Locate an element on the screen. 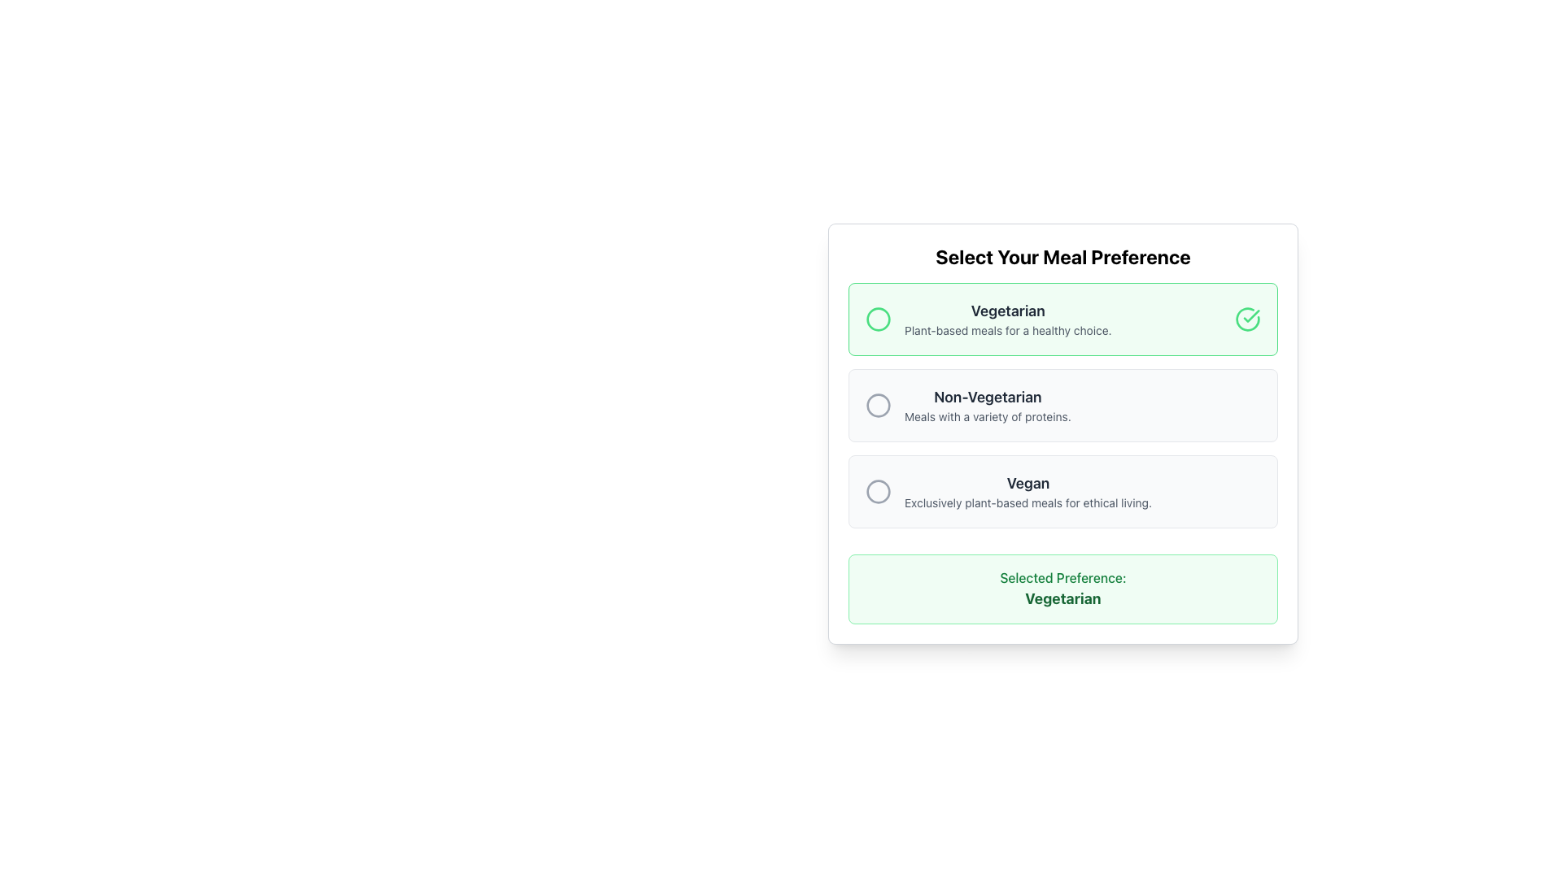  the Information Display Box that shows the user's currently selected meal preference, which is 'Vegetarian' is located at coordinates (1062, 589).